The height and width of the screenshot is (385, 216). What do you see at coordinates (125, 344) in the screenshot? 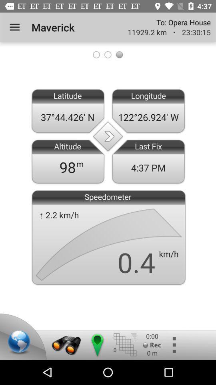
I see `open menu` at bounding box center [125, 344].